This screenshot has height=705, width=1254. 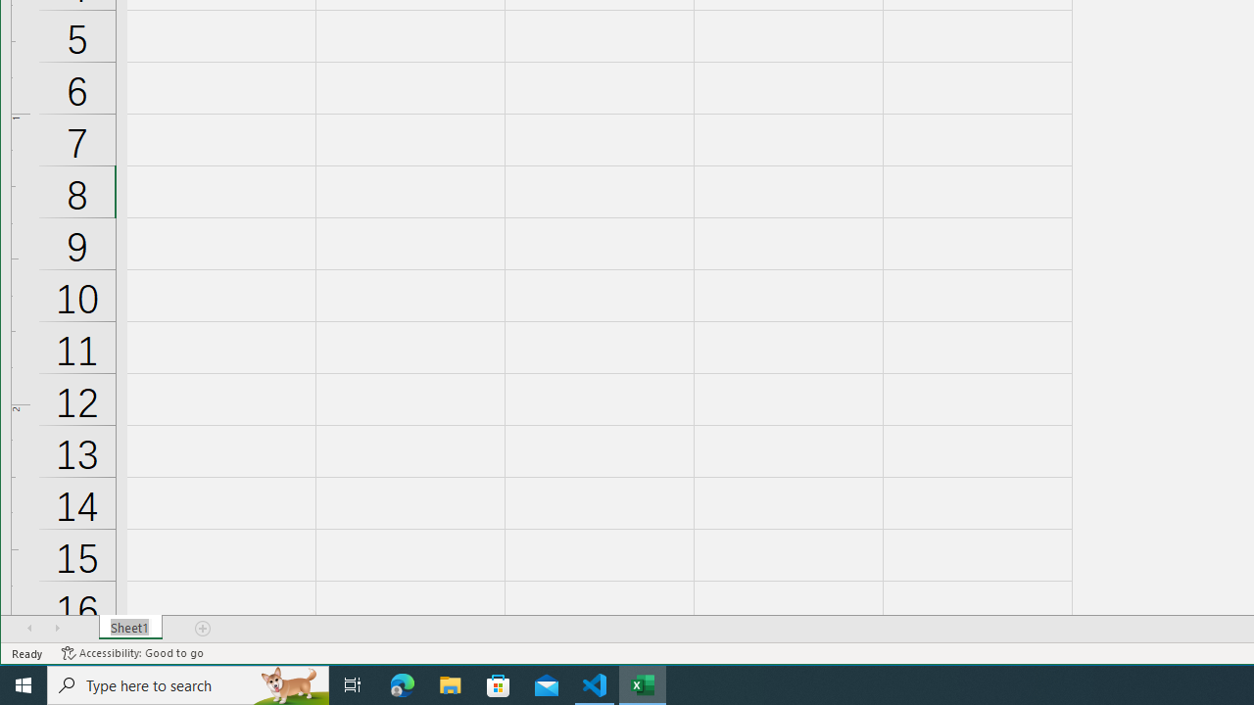 I want to click on 'Start', so click(x=24, y=683).